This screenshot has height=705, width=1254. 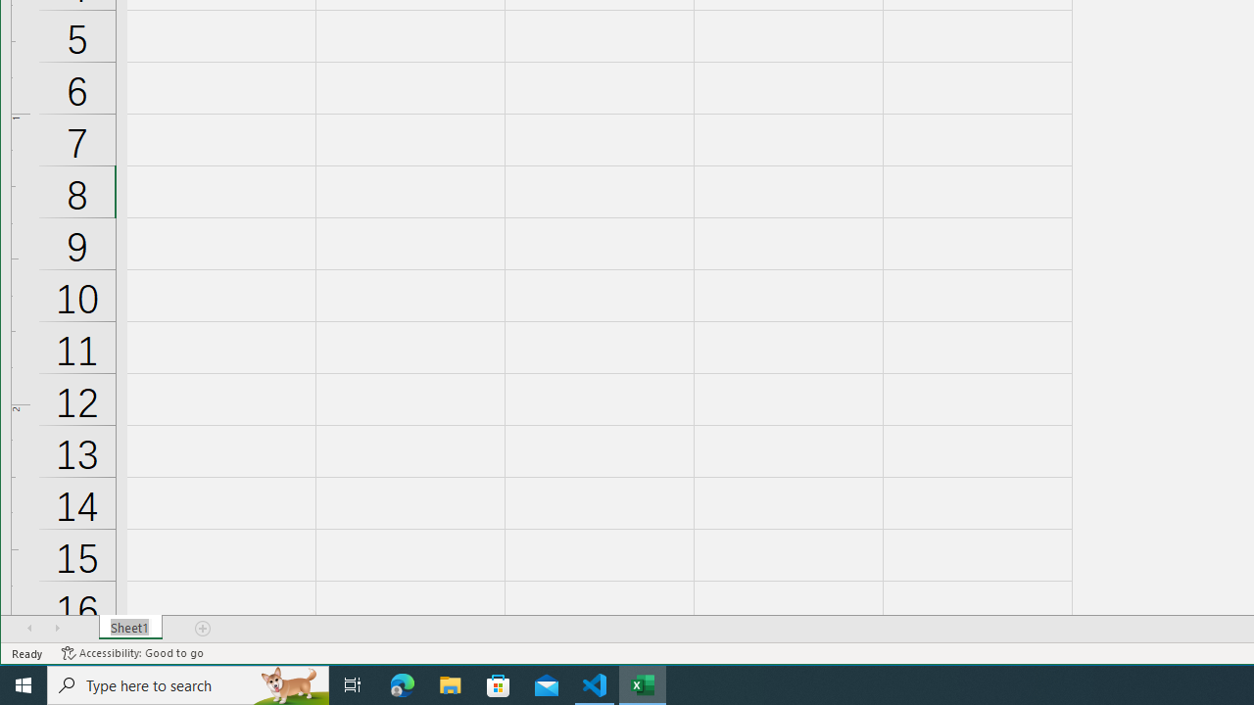 I want to click on 'Start', so click(x=24, y=683).